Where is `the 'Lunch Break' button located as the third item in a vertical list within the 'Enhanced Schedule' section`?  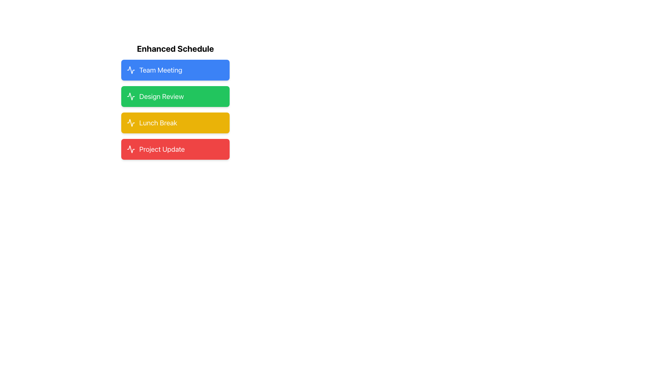
the 'Lunch Break' button located as the third item in a vertical list within the 'Enhanced Schedule' section is located at coordinates (175, 123).